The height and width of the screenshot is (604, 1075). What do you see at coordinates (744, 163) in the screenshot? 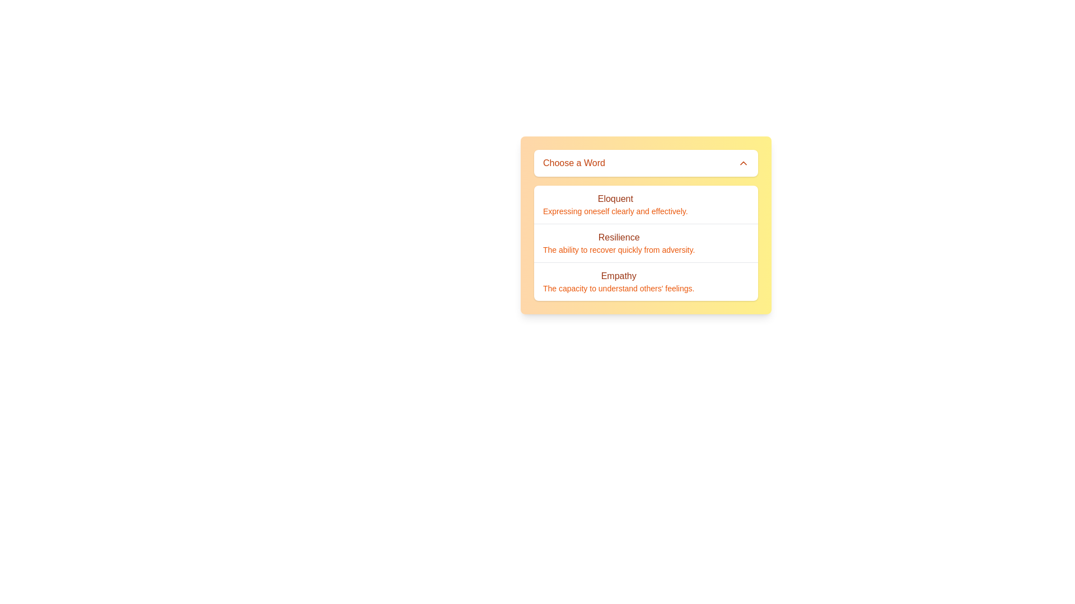
I see `the chevron icon located at the far right of the header bar containing 'Choose a Word' to review potential interactivity` at bounding box center [744, 163].